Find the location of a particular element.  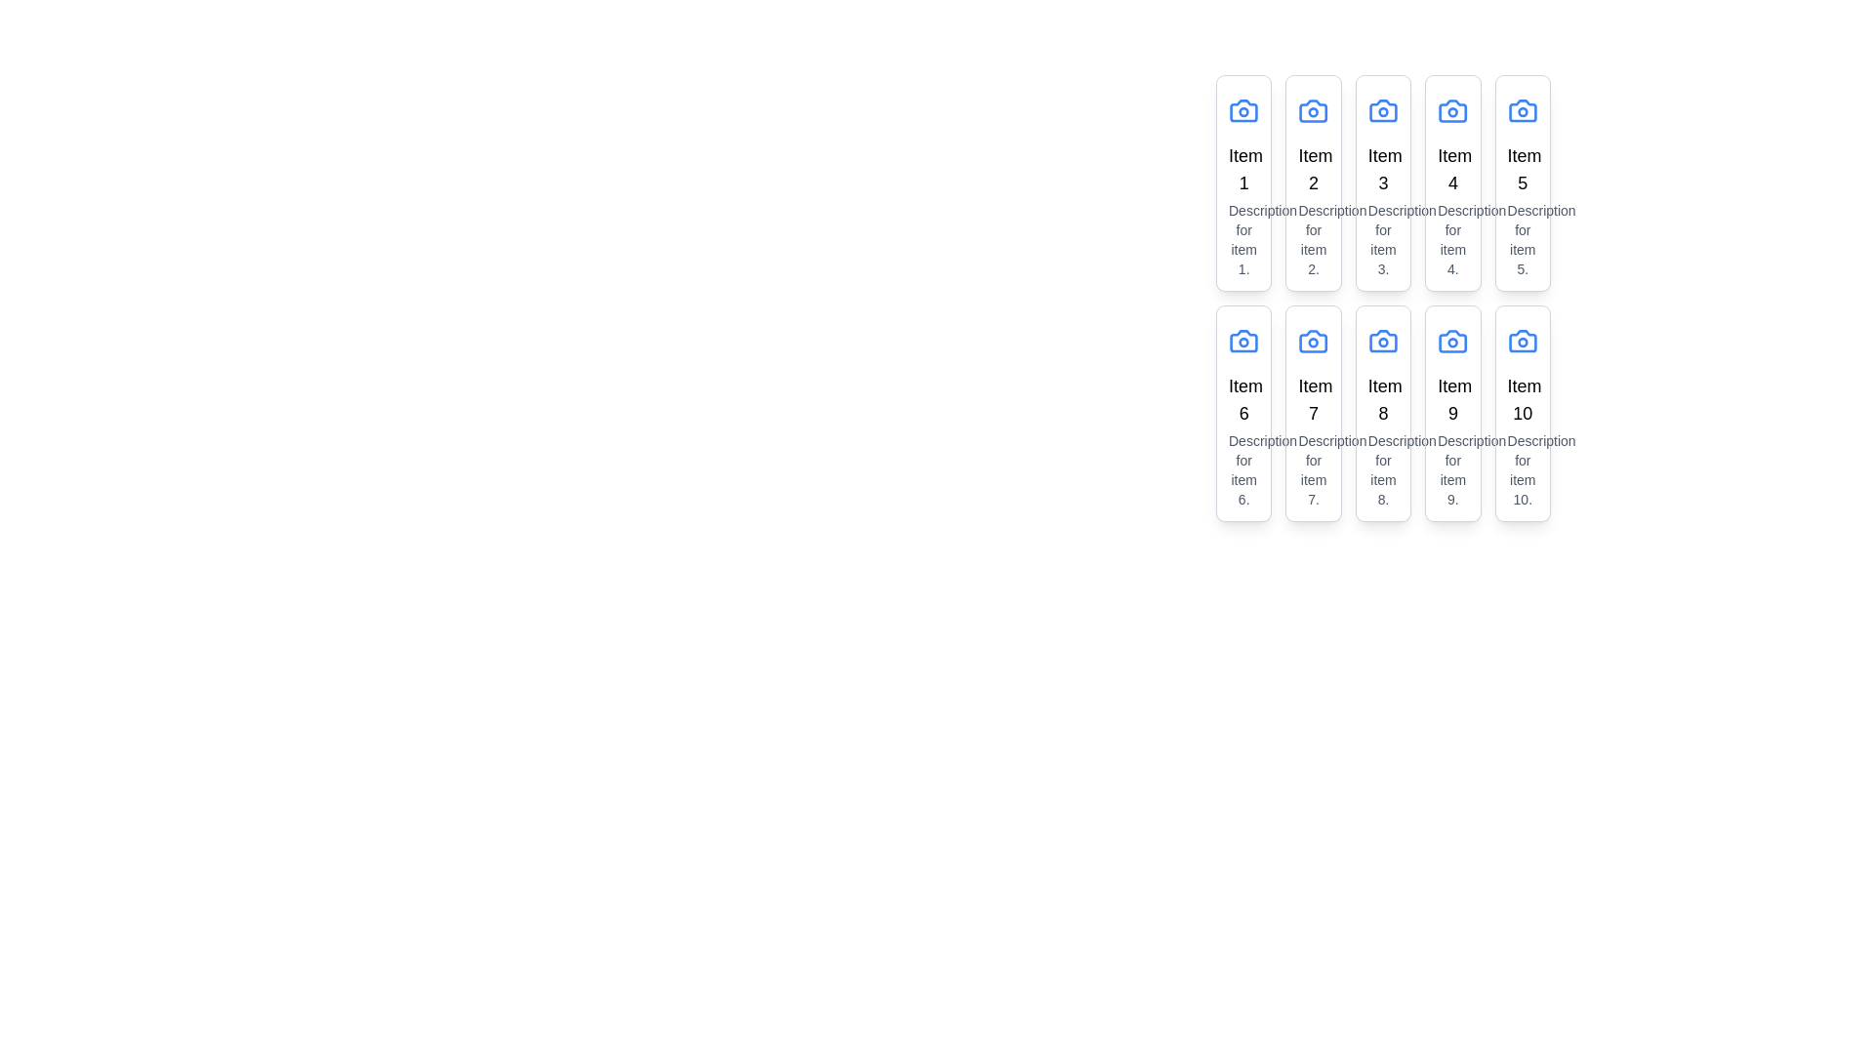

the camera icon located in the second row and third column of the grid layout is located at coordinates (1382, 341).